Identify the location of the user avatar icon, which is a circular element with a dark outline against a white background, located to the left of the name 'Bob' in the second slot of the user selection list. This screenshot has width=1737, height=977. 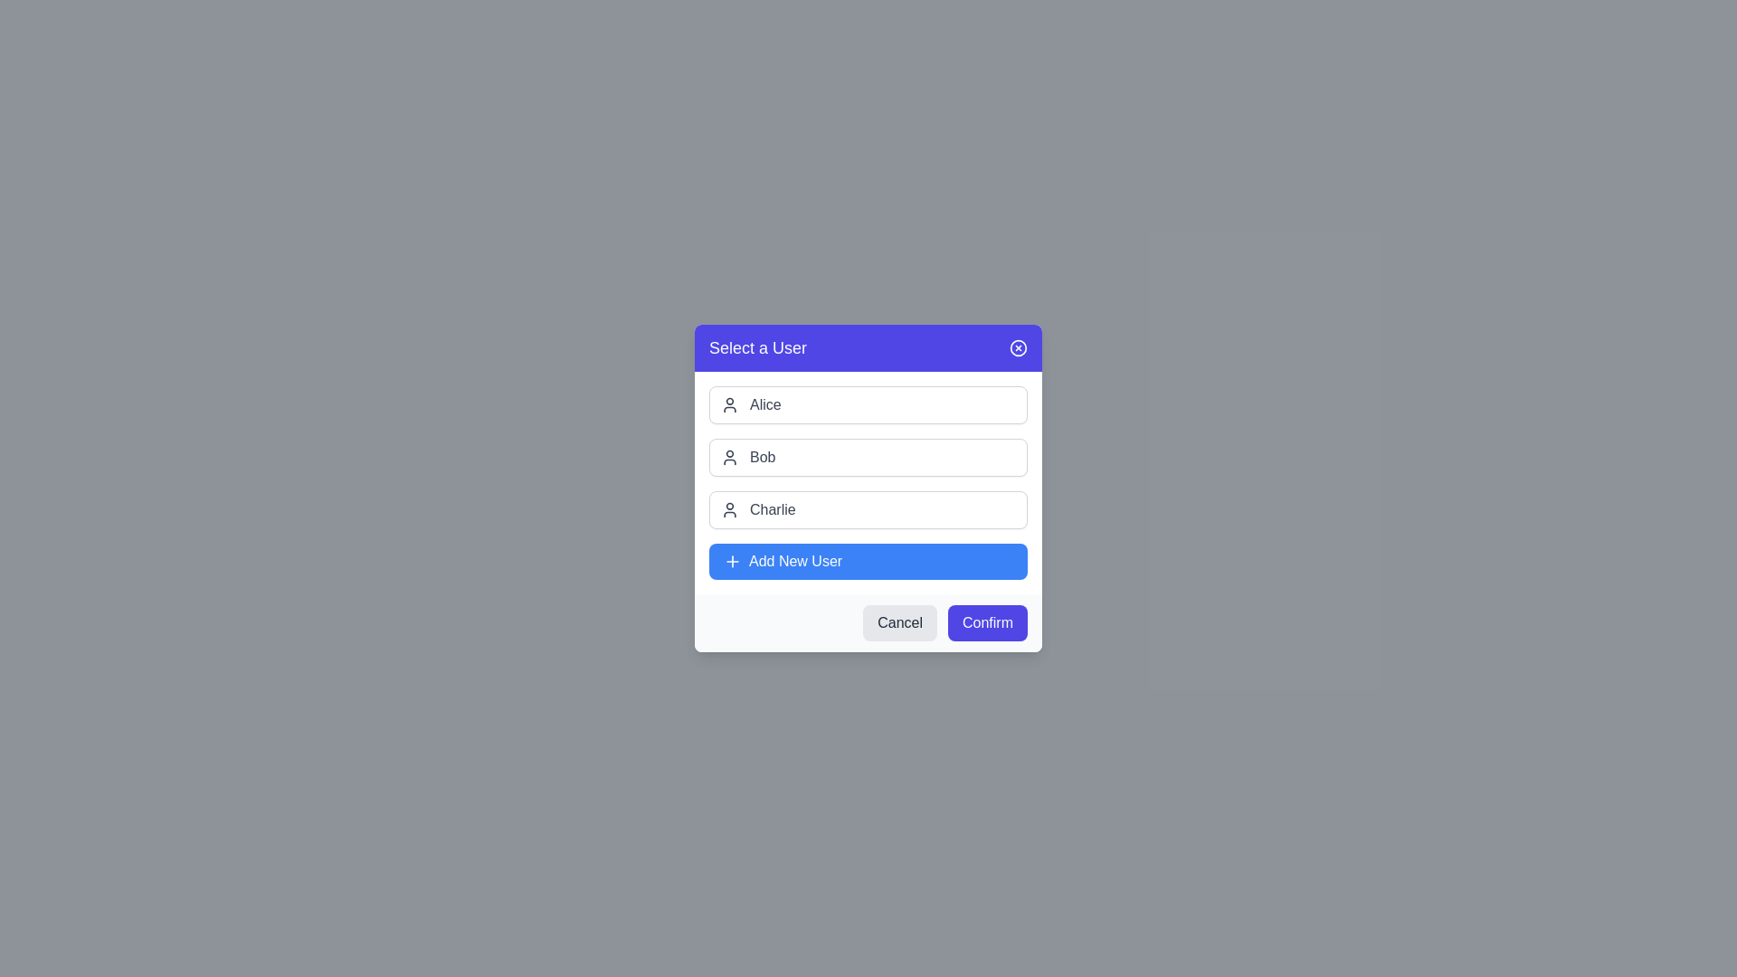
(729, 456).